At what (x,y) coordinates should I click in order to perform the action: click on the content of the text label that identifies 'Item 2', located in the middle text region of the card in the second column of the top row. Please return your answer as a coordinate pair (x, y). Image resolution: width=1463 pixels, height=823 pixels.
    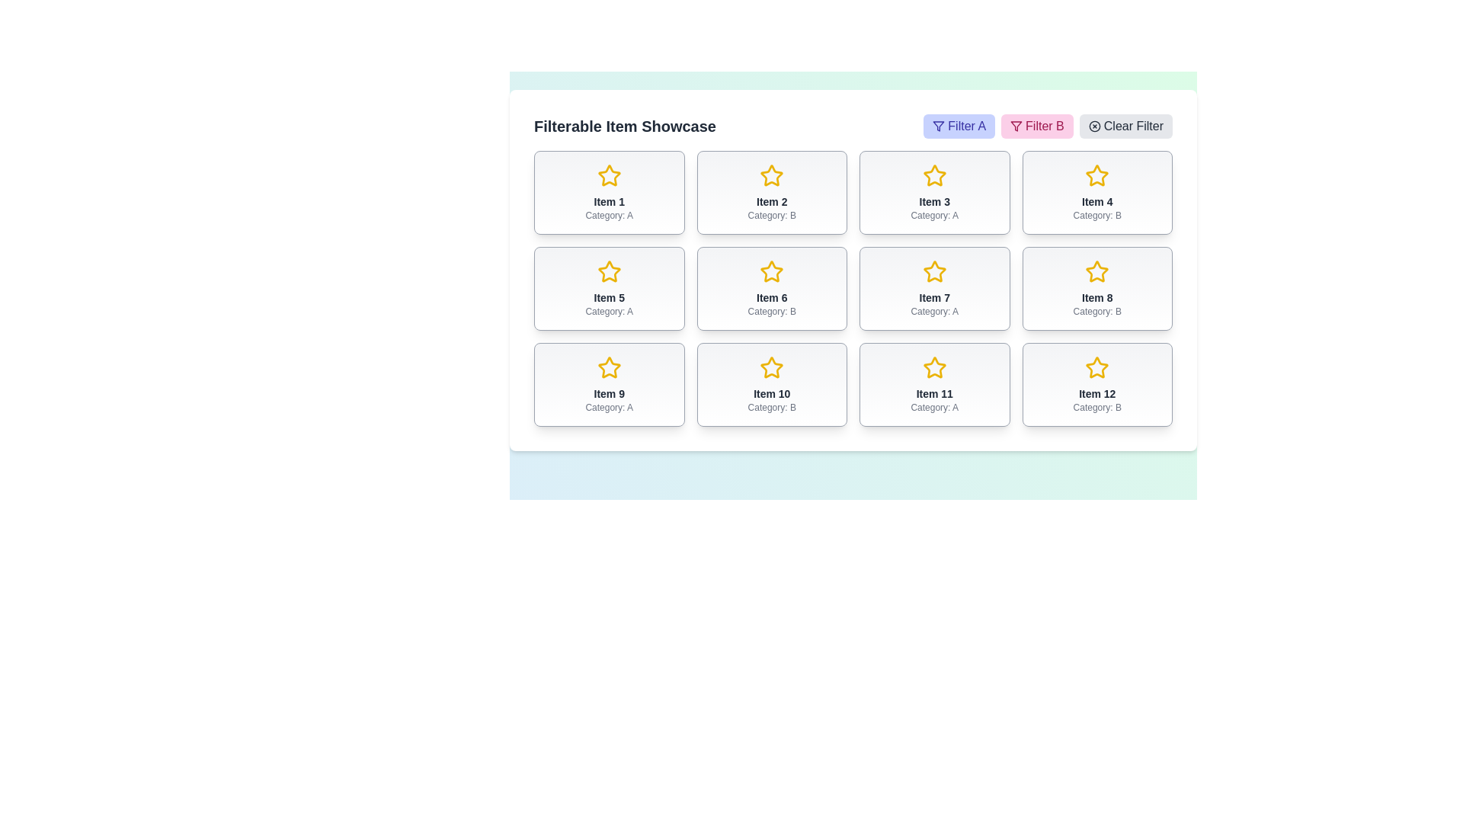
    Looking at the image, I should click on (772, 201).